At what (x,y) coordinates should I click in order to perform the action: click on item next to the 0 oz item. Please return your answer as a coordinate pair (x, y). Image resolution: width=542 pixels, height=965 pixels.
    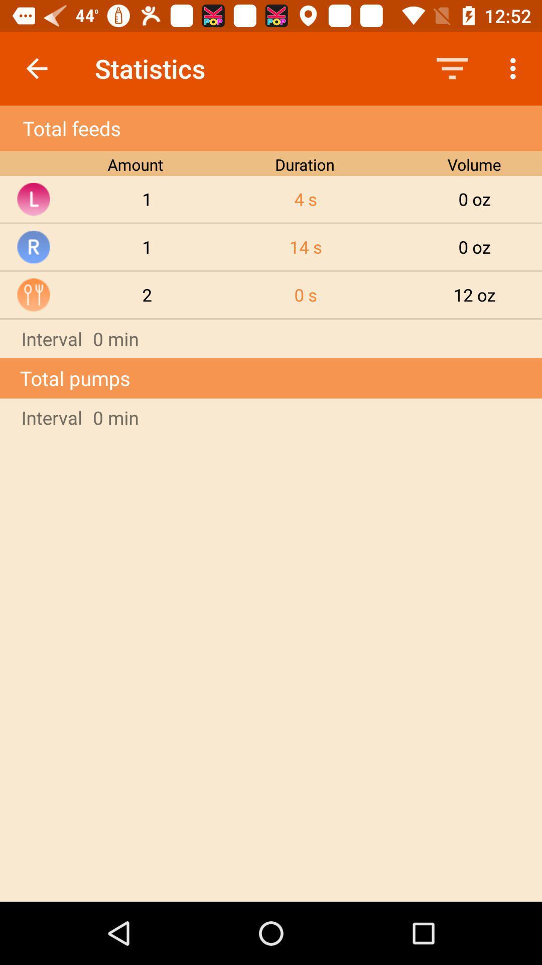
    Looking at the image, I should click on (305, 247).